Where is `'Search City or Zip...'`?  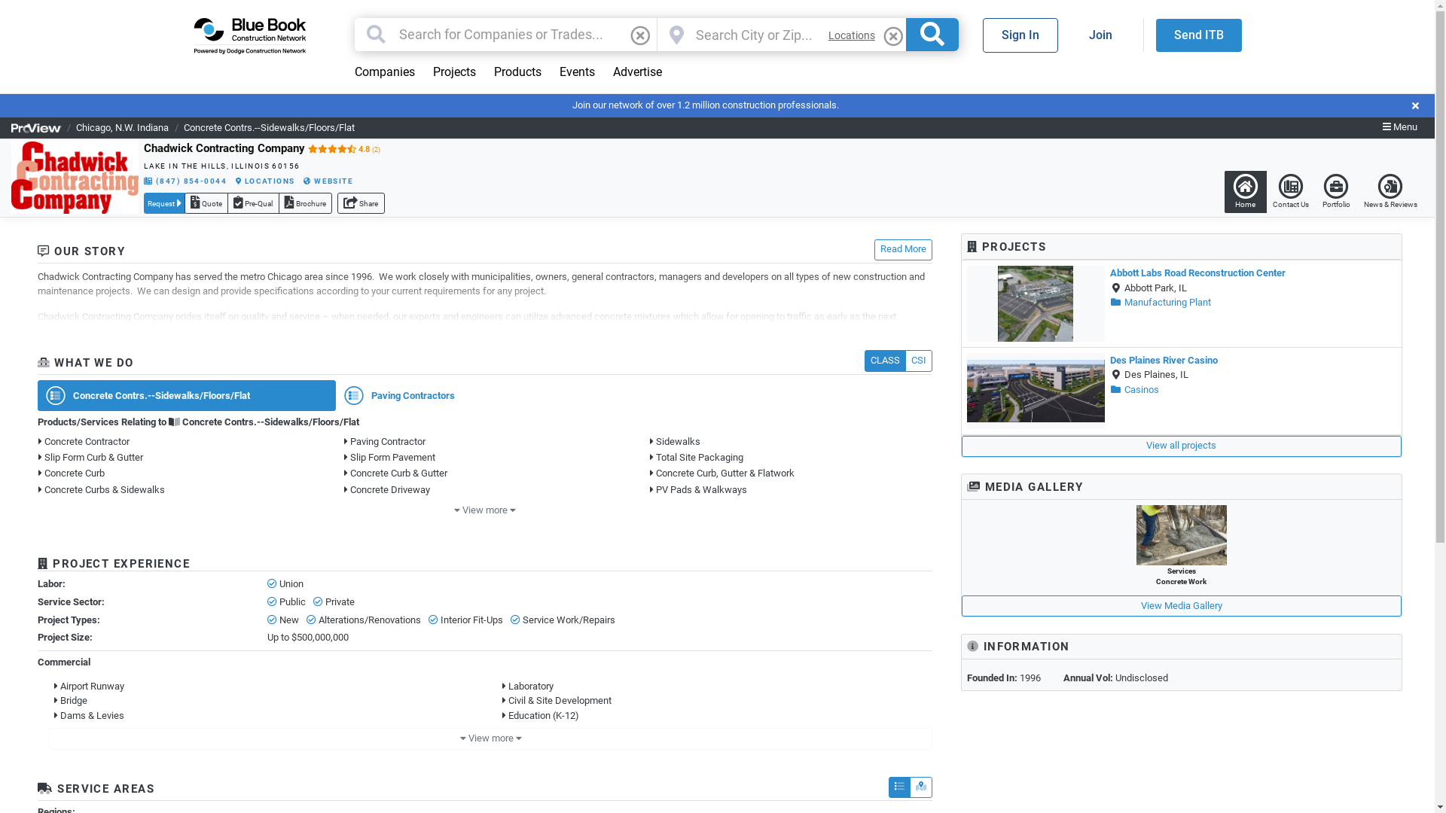
'Search City or Zip...' is located at coordinates (755, 34).